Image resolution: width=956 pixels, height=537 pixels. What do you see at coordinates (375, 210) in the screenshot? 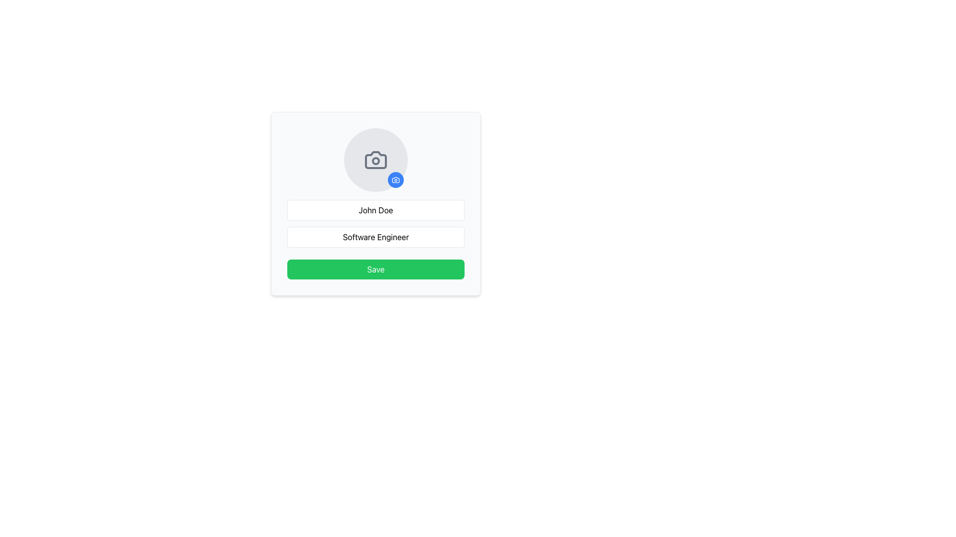
I see `the text input box that displays or edits text with the placeholder 'John Doe', located at the center of the page below the profile picture and above the 'Software Engineer' box` at bounding box center [375, 210].